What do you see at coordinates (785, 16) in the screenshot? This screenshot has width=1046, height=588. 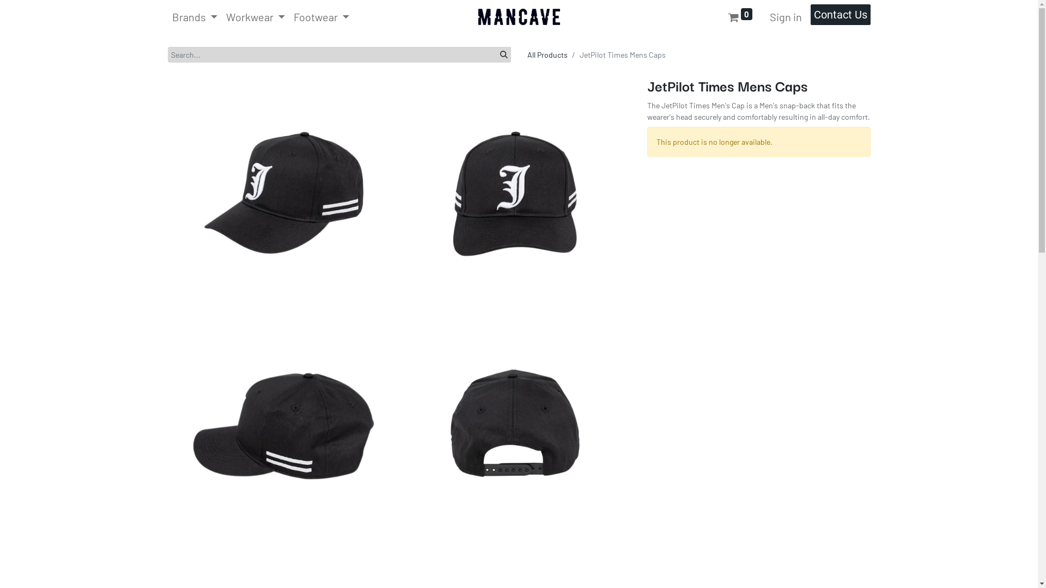 I see `'Sign in'` at bounding box center [785, 16].